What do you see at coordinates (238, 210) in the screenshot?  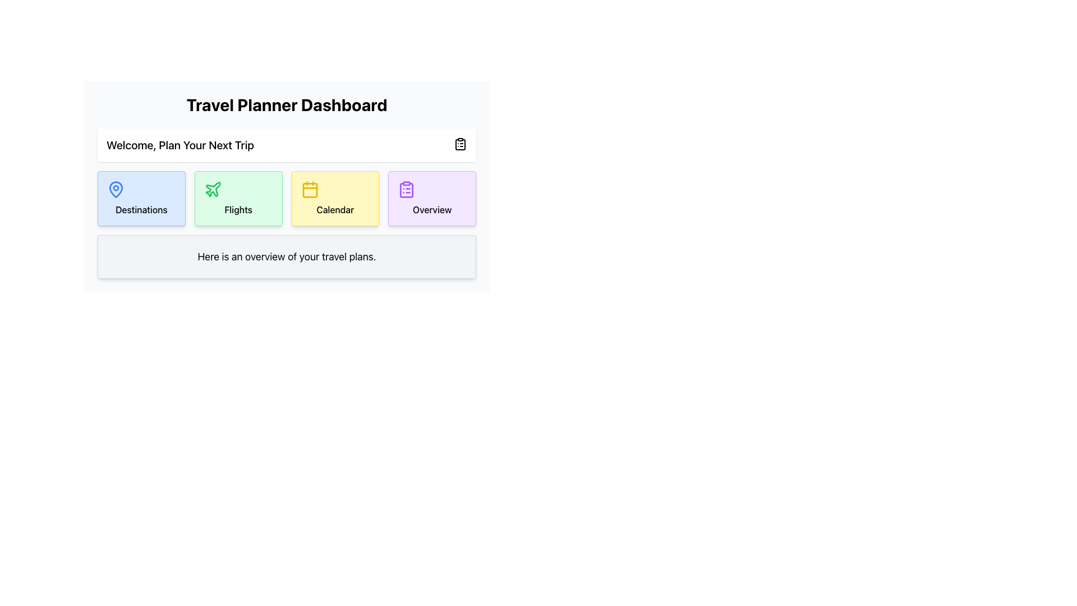 I see `the bolded text 'Flights' located in the mint-green card component, which is the second card from the left in a horizontal row of four cards` at bounding box center [238, 210].